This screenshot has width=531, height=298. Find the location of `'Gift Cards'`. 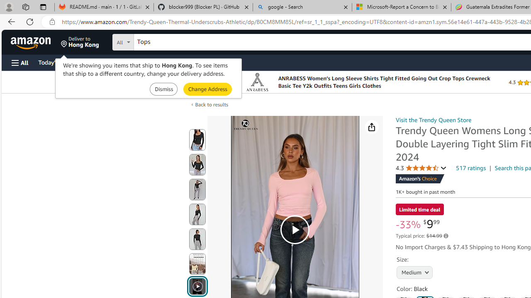

'Gift Cards' is located at coordinates (183, 62).